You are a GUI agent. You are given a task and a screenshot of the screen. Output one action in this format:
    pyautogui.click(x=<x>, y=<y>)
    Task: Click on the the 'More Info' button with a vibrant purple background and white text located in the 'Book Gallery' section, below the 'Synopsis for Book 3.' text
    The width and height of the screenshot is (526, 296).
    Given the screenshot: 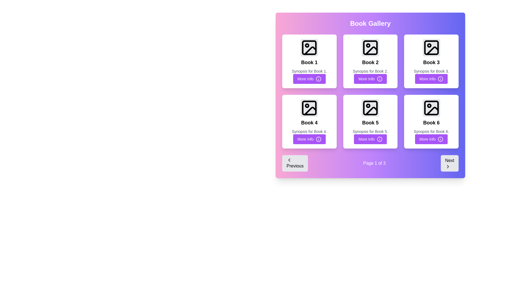 What is the action you would take?
    pyautogui.click(x=431, y=79)
    